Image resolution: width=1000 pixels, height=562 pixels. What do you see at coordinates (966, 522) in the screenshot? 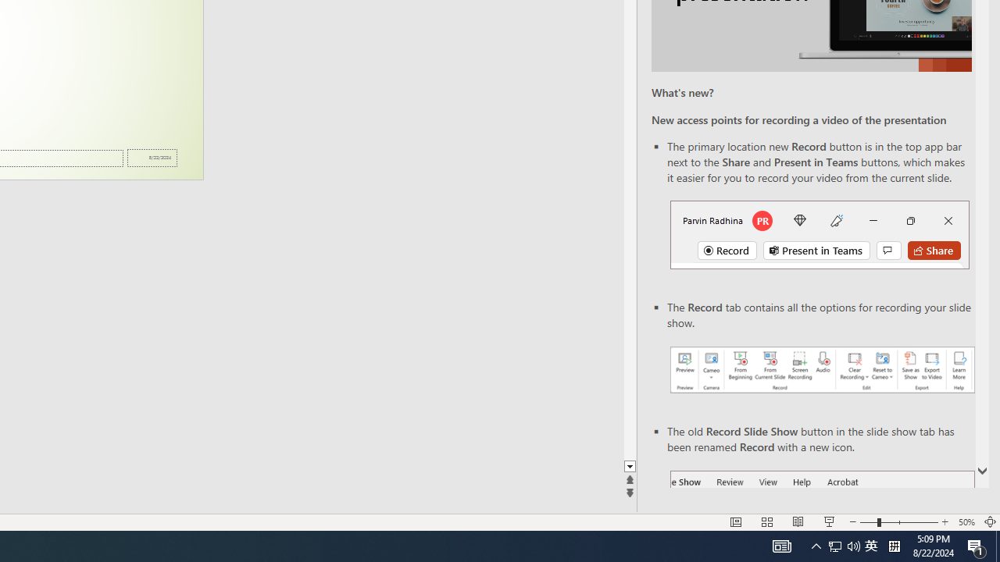
I see `'Zoom 50%'` at bounding box center [966, 522].